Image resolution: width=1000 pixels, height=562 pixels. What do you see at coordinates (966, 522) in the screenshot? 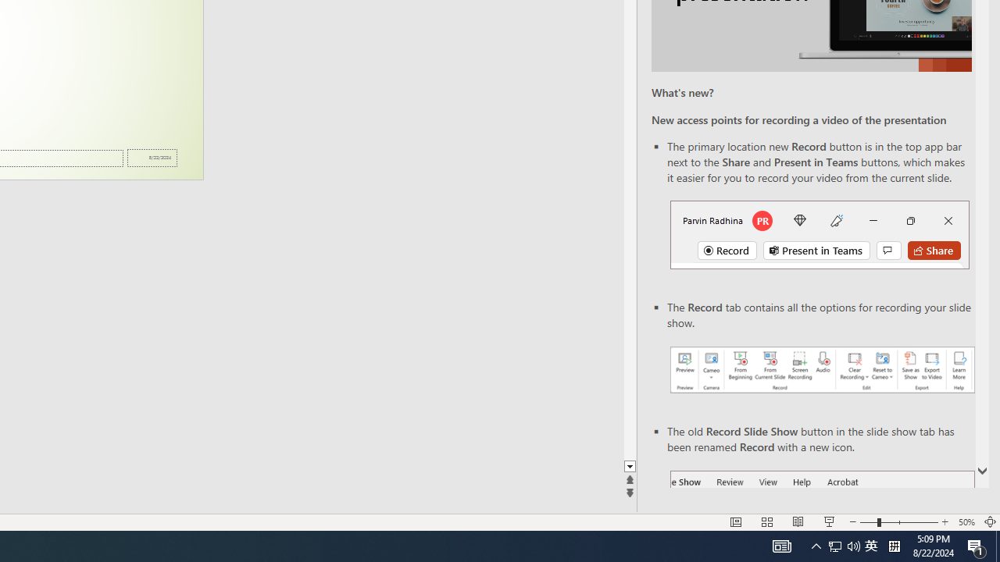
I see `'Zoom 50%'` at bounding box center [966, 522].